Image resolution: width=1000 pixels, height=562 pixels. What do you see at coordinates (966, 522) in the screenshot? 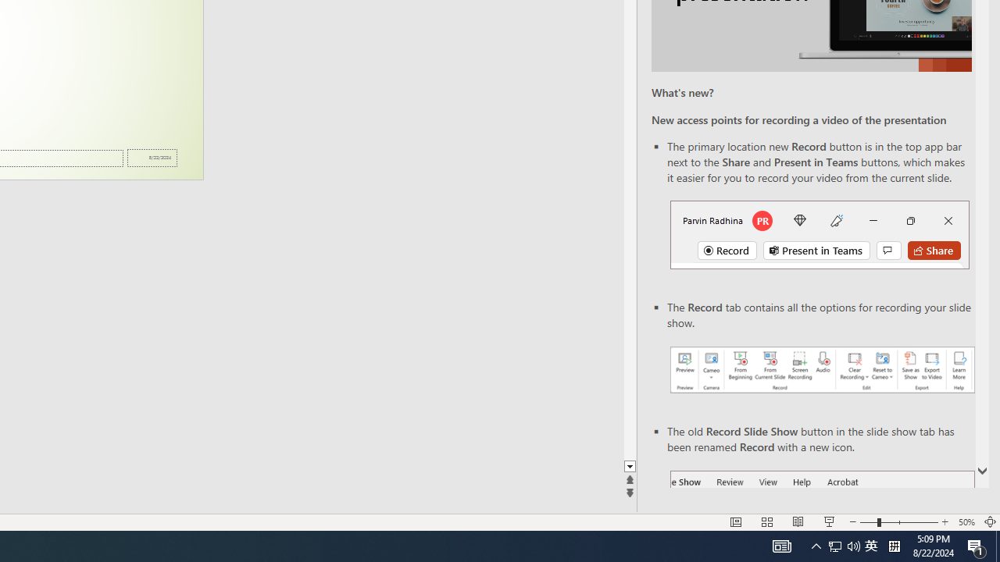
I see `'Zoom 50%'` at bounding box center [966, 522].